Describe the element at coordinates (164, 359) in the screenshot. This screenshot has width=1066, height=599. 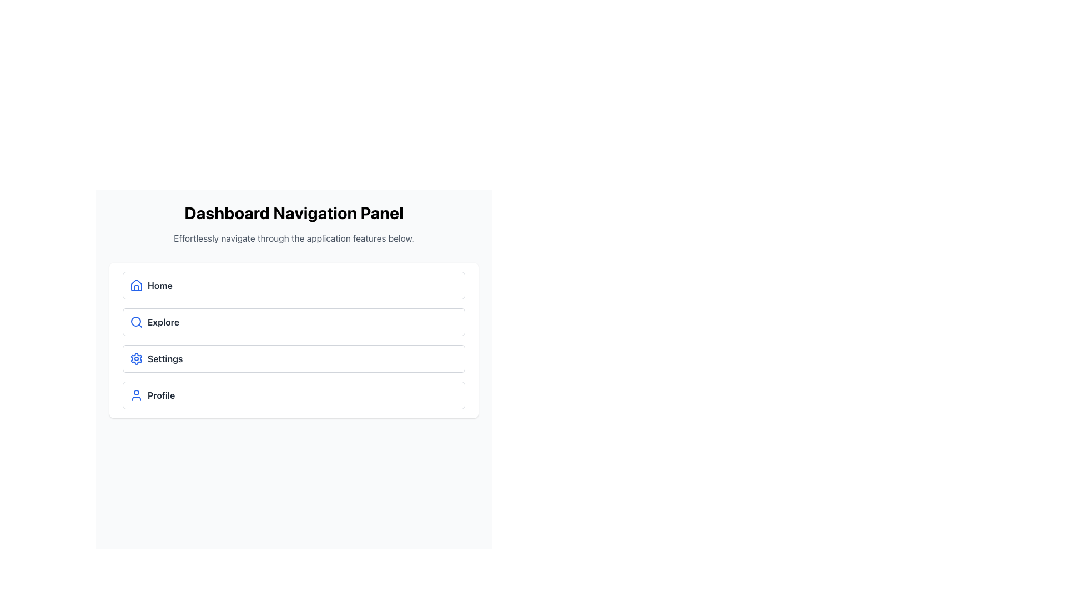
I see `the 'Settings' text label within the interactive button` at that location.